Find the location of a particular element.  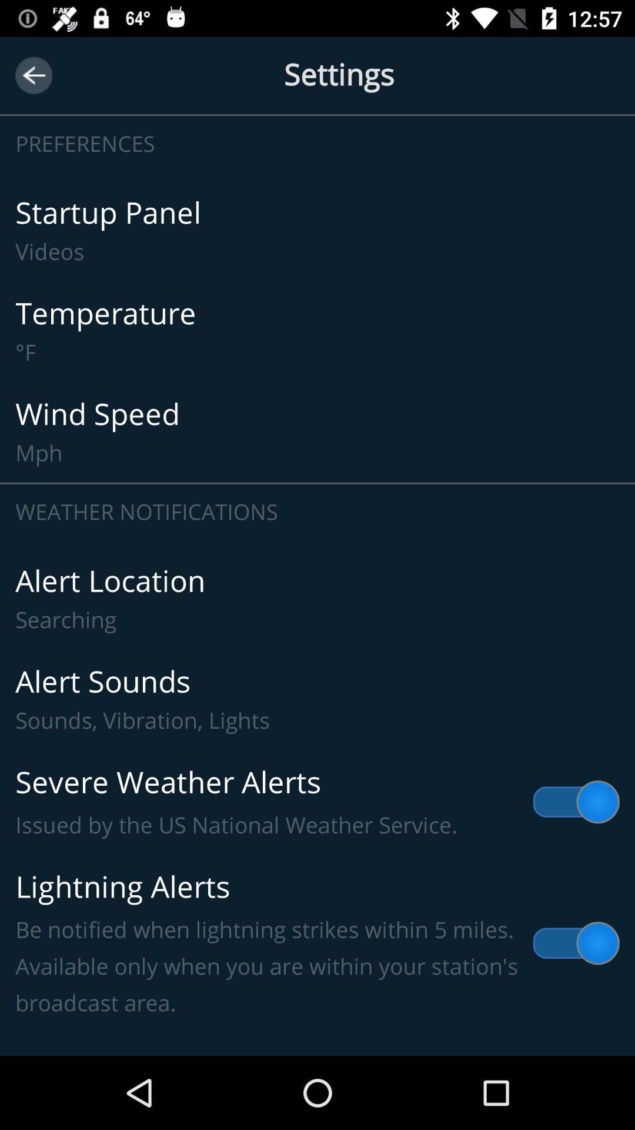

the arrow_backward icon is located at coordinates (33, 75).